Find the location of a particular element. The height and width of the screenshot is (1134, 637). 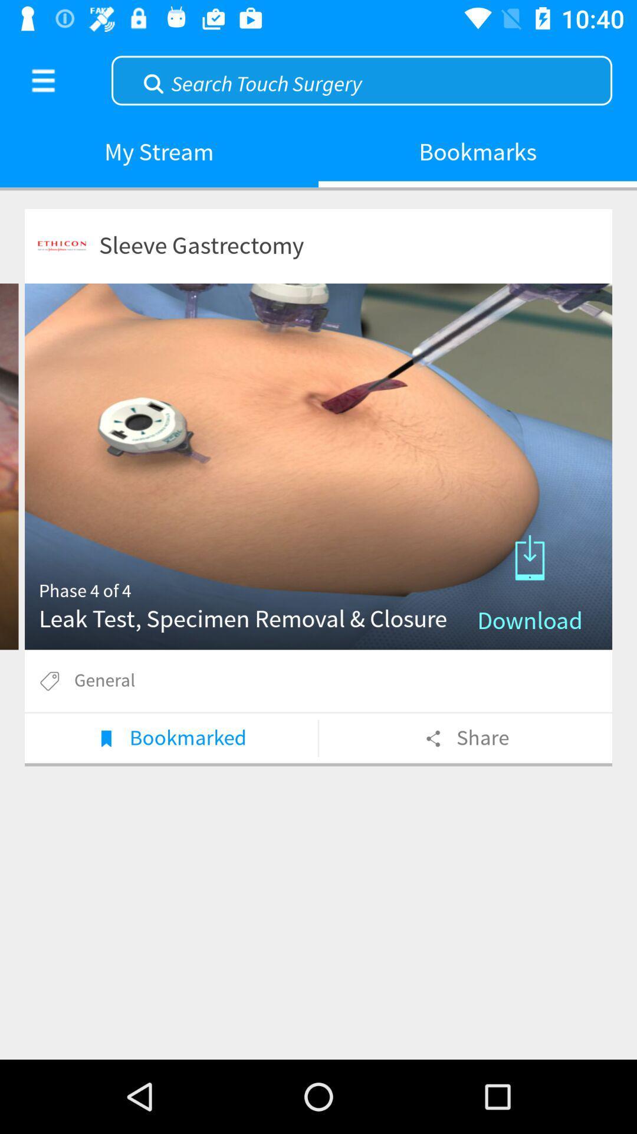

search keywords here is located at coordinates (361, 79).